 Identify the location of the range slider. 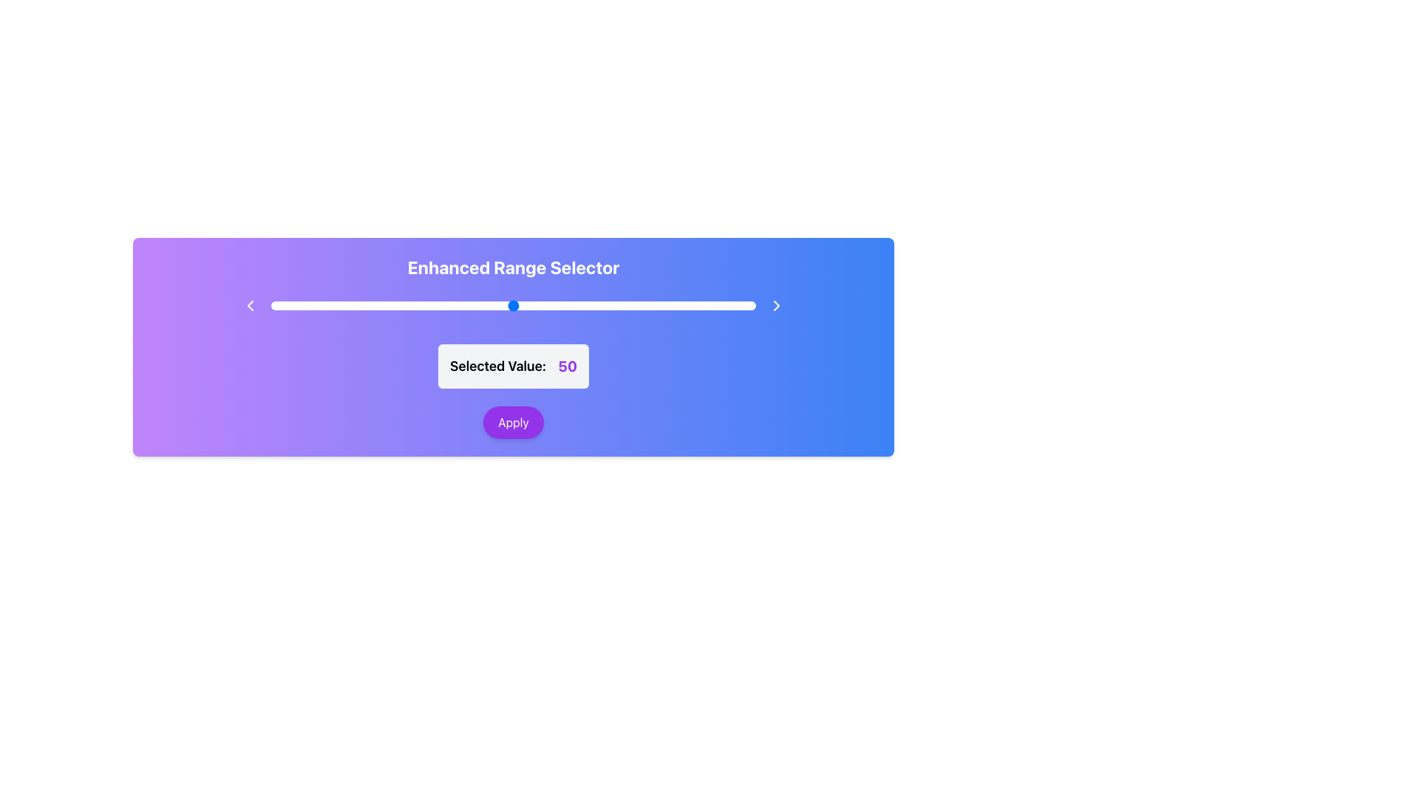
(353, 304).